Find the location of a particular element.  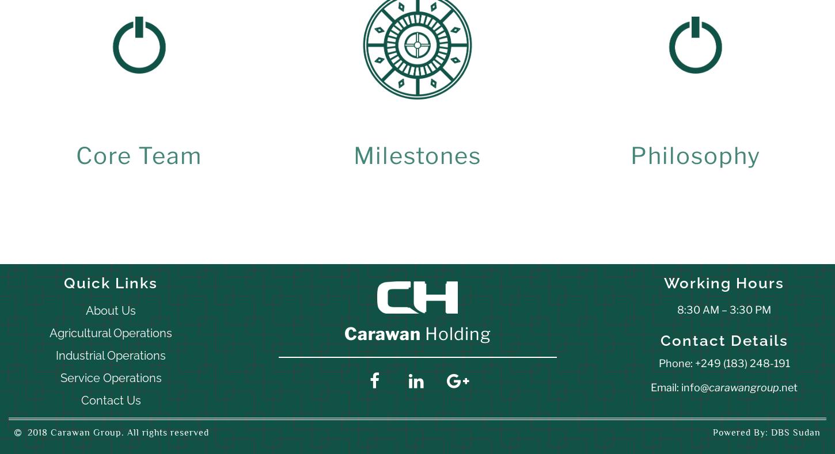

'Philosophy' is located at coordinates (694, 155).